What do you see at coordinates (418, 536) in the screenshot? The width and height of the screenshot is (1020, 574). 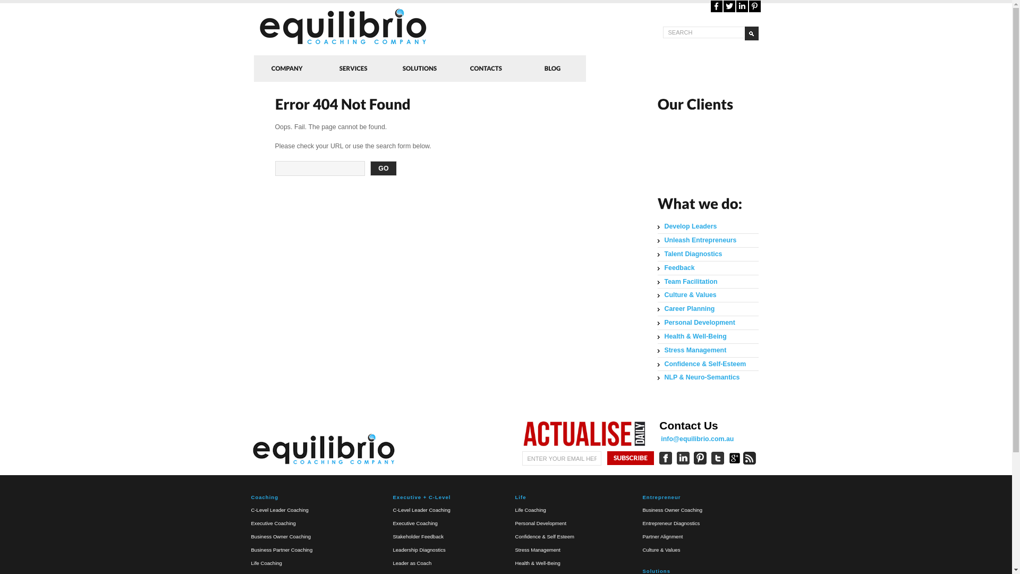 I see `'Stakeholder Feedback'` at bounding box center [418, 536].